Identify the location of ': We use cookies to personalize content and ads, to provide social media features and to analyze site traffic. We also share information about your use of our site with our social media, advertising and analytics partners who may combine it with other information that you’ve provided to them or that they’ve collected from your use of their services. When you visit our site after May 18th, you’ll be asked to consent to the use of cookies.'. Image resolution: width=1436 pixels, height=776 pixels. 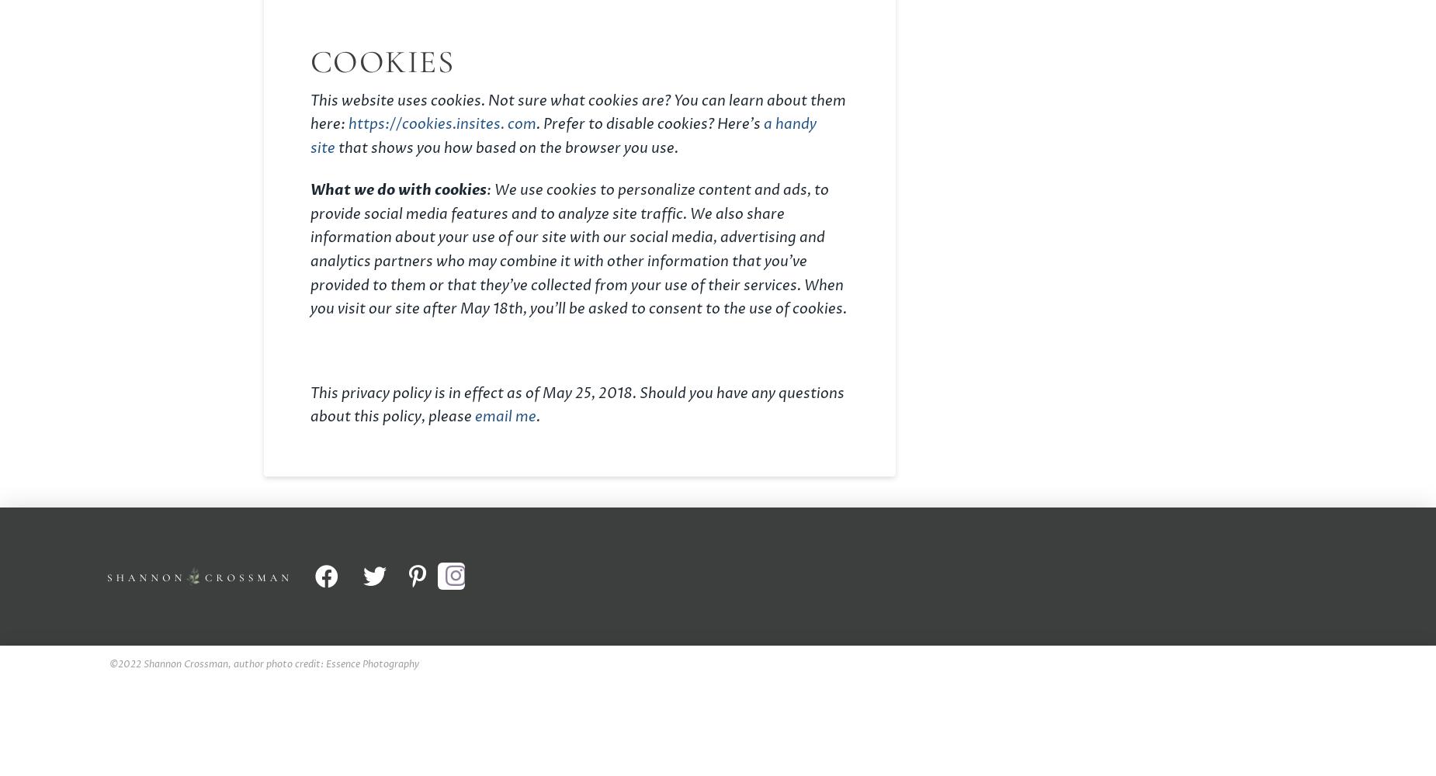
(578, 249).